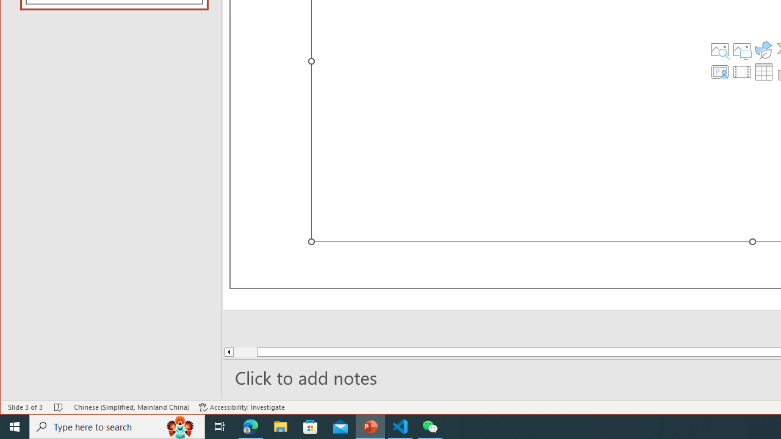 This screenshot has width=781, height=439. Describe the element at coordinates (58, 407) in the screenshot. I see `'Spell Check No Errors'` at that location.